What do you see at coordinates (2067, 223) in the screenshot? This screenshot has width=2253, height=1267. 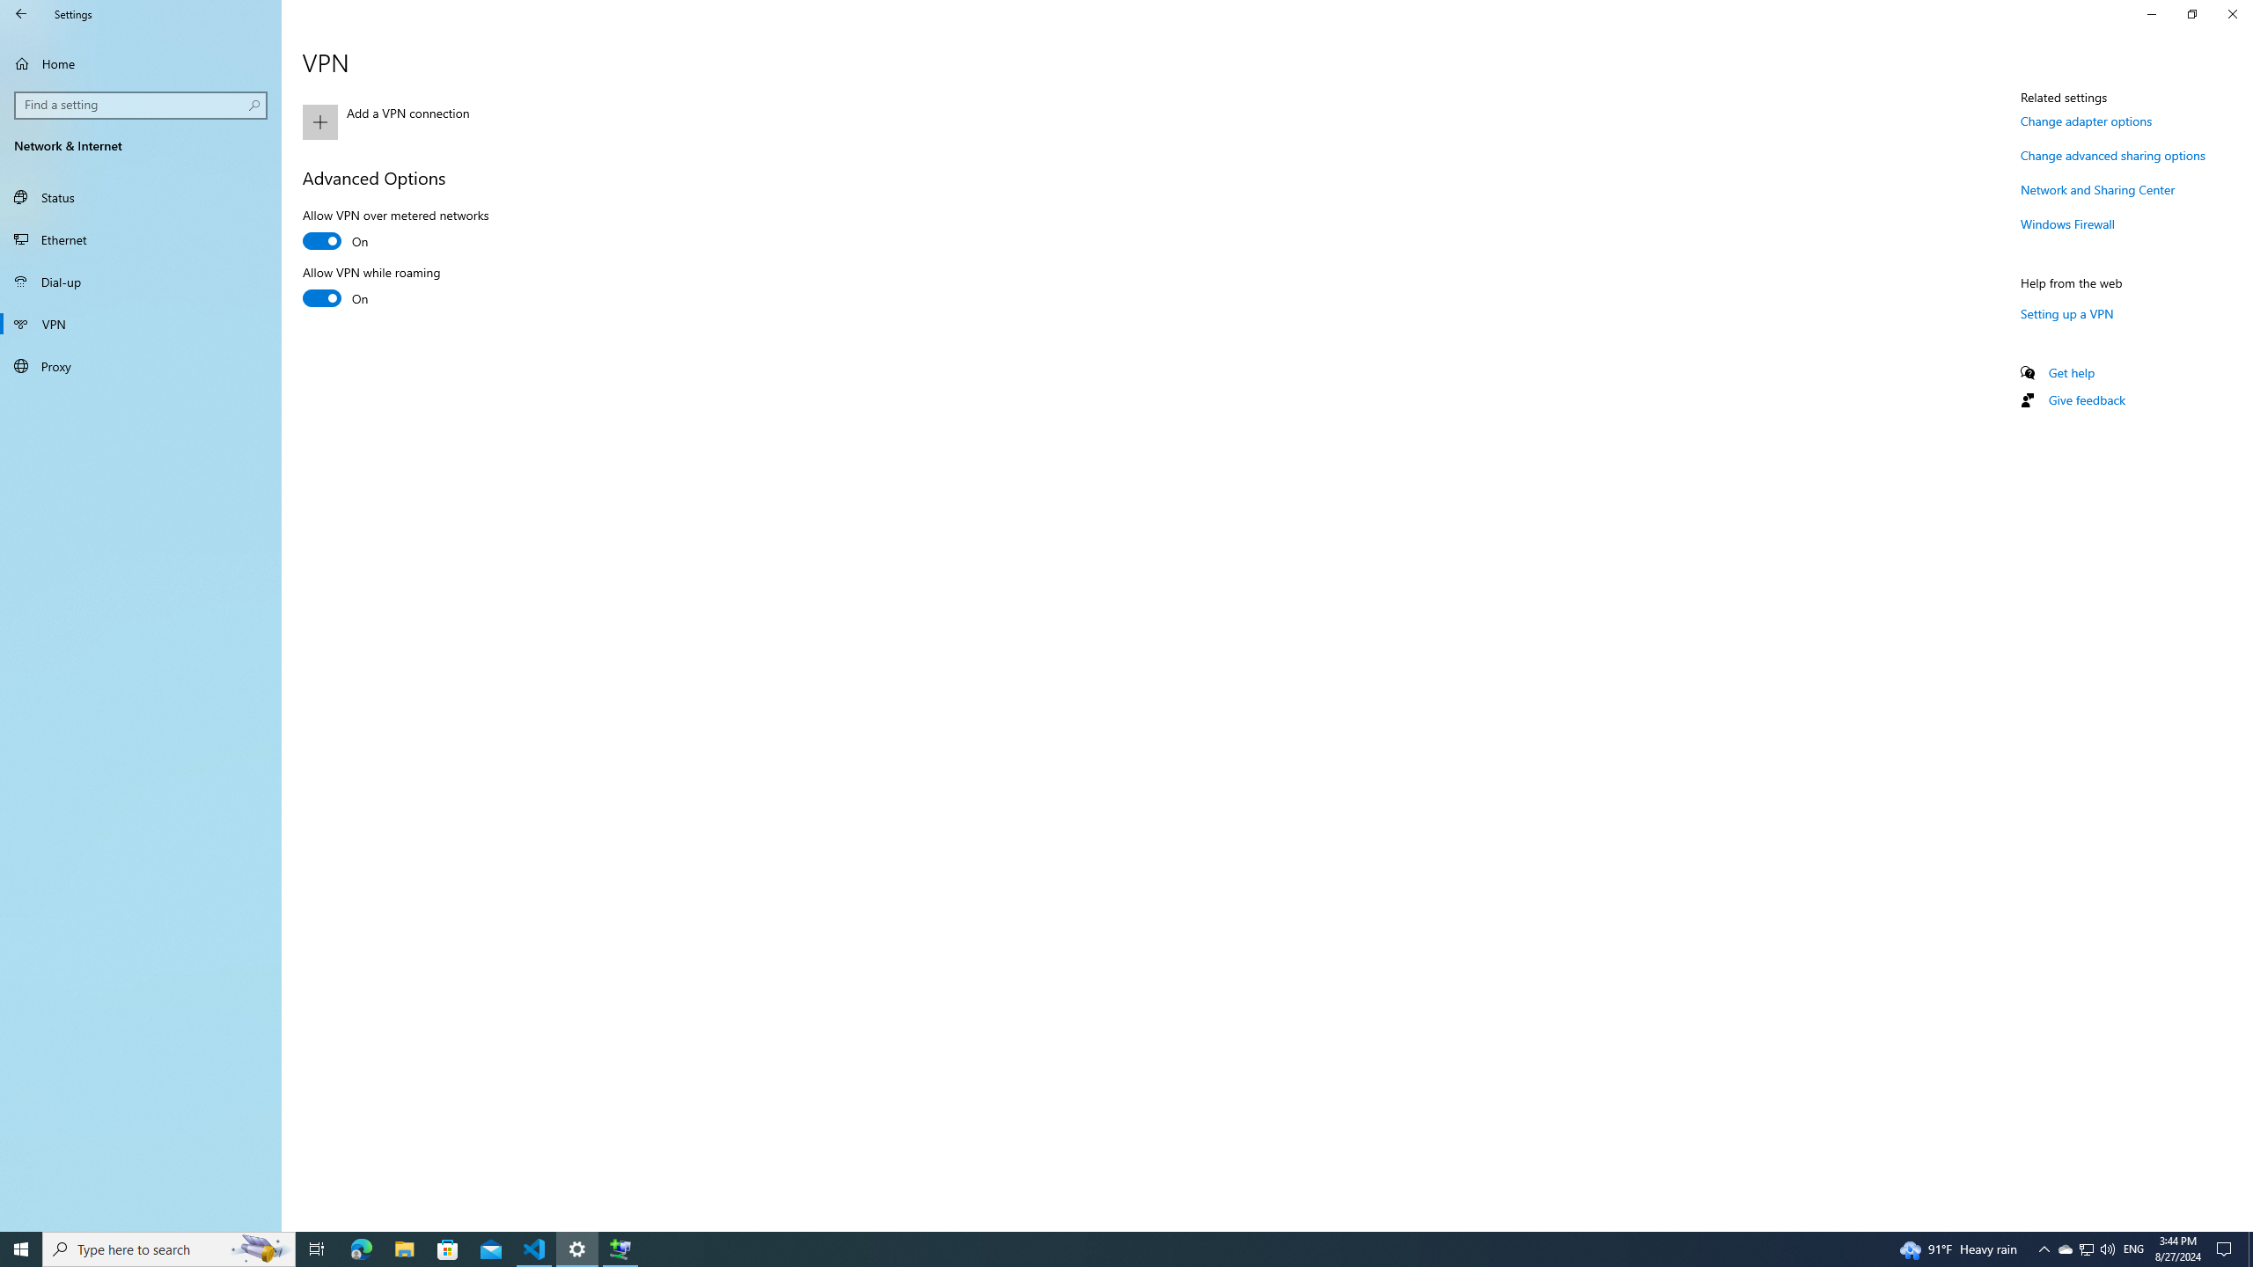 I see `'Windows Firewall'` at bounding box center [2067, 223].